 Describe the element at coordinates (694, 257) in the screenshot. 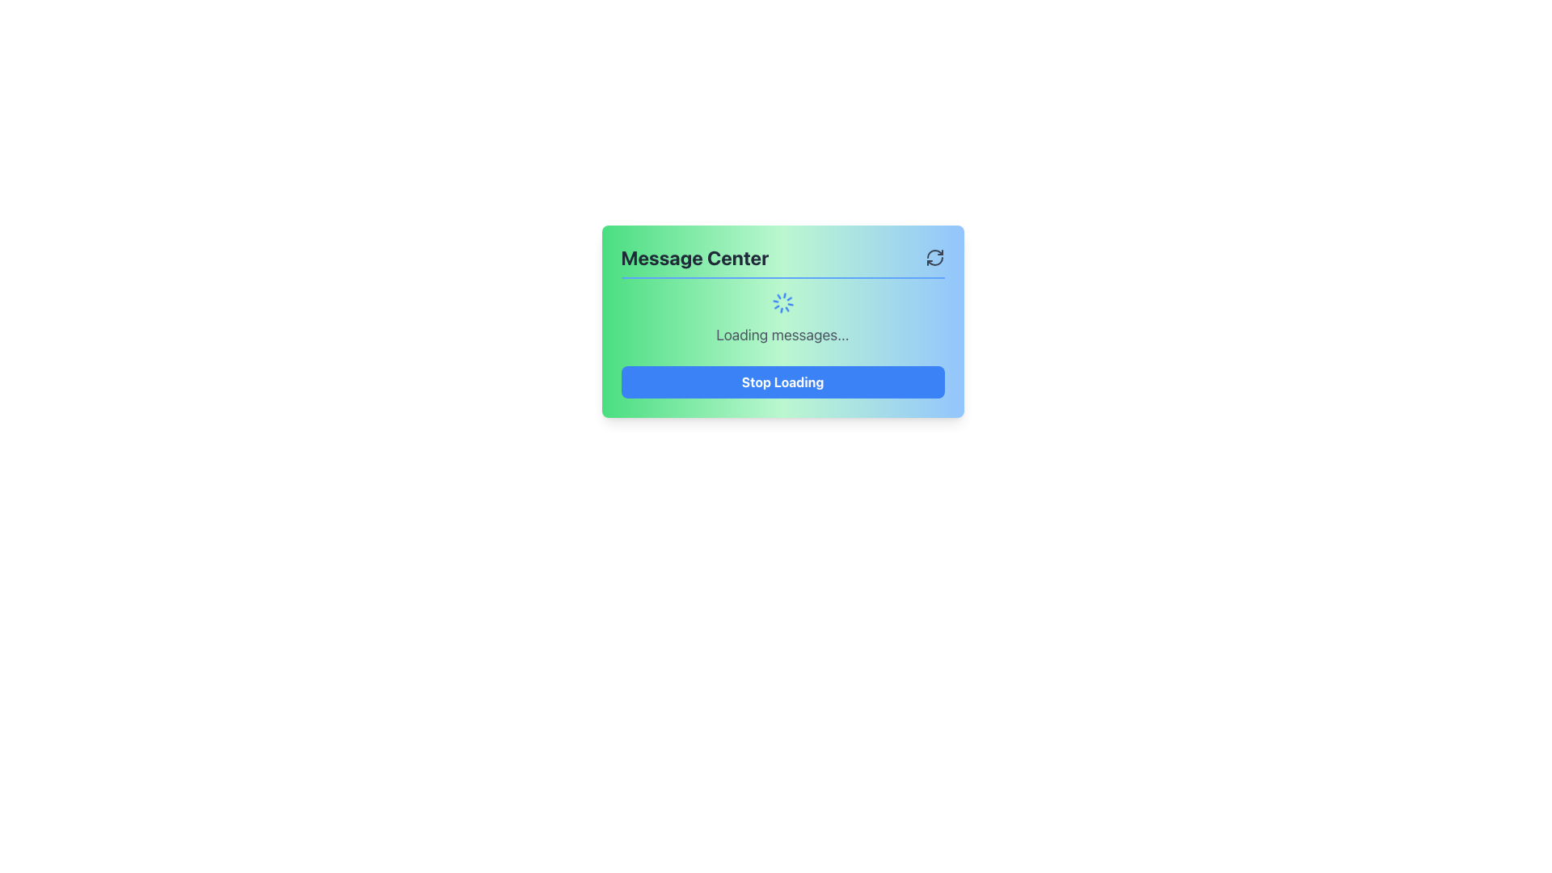

I see `the Static text header located on the left side of the top bar, which serves as a title or header for the interface` at that location.